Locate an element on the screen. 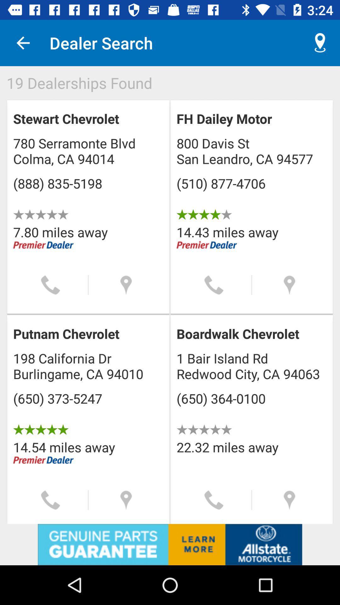  call button is located at coordinates (50, 285).